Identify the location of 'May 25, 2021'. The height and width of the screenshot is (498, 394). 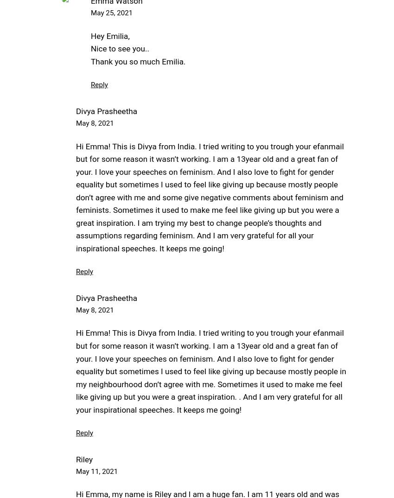
(111, 13).